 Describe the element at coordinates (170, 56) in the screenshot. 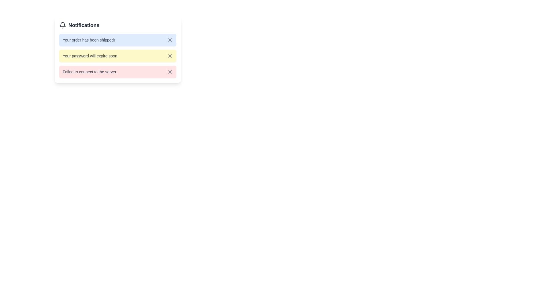

I see `the diagonal crossing line within the 'X' symbol in the second notification of the notification panel` at that location.